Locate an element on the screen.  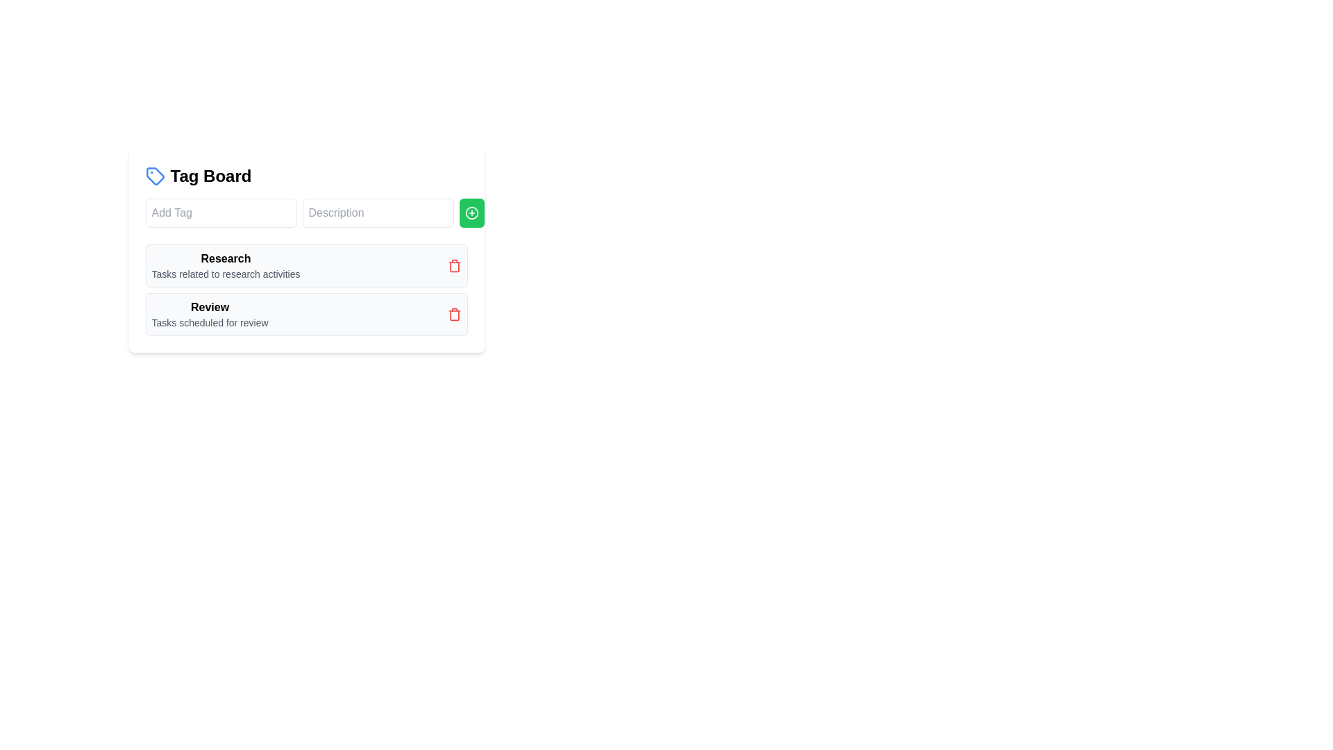
the 'Add Tag' button is located at coordinates (471, 213).